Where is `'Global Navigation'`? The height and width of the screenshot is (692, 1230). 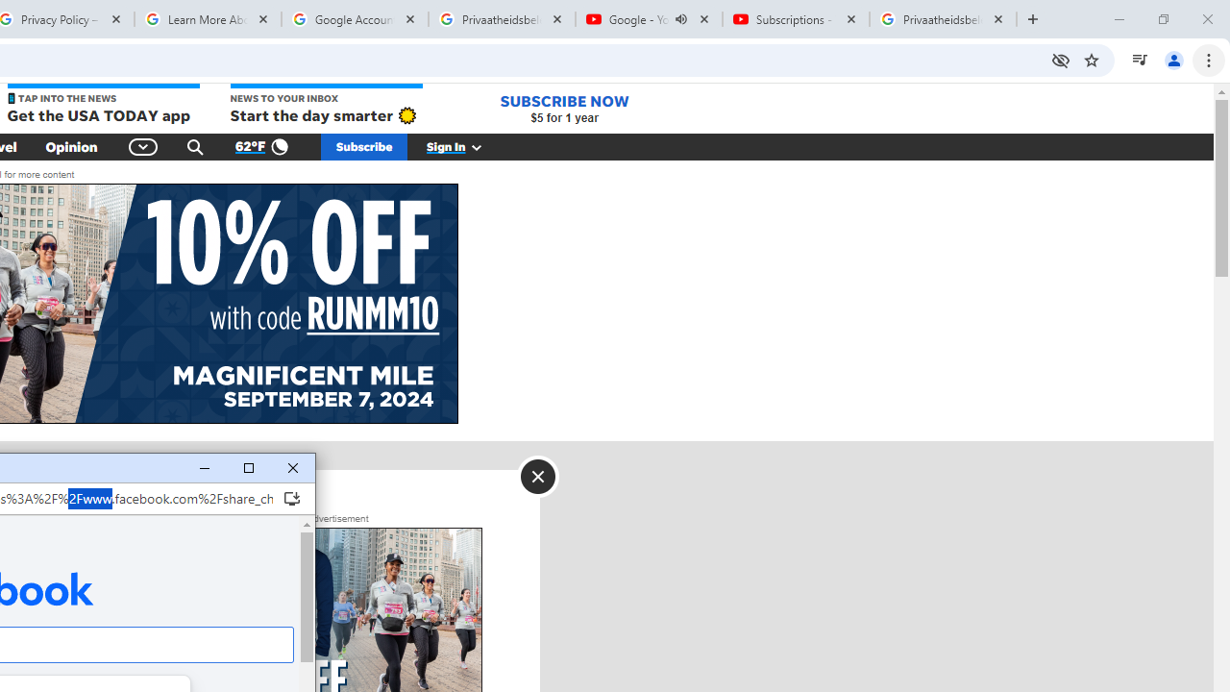
'Global Navigation' is located at coordinates (142, 146).